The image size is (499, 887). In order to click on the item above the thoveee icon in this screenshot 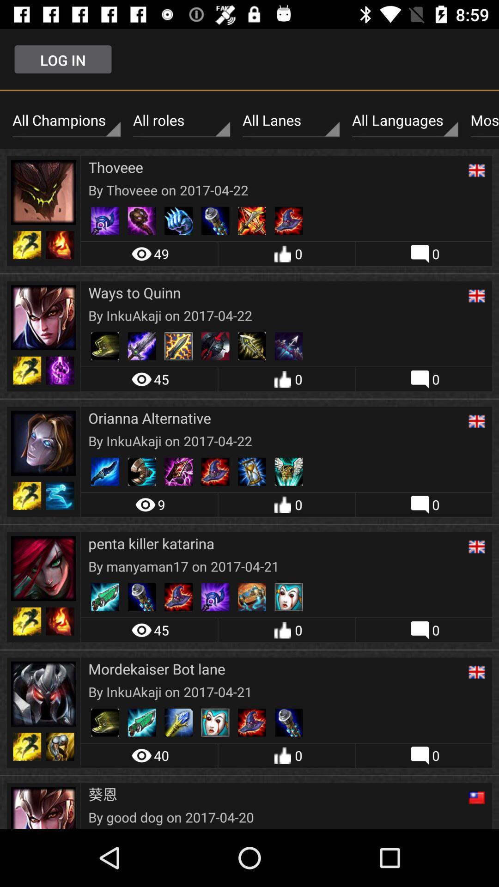, I will do `click(290, 120)`.